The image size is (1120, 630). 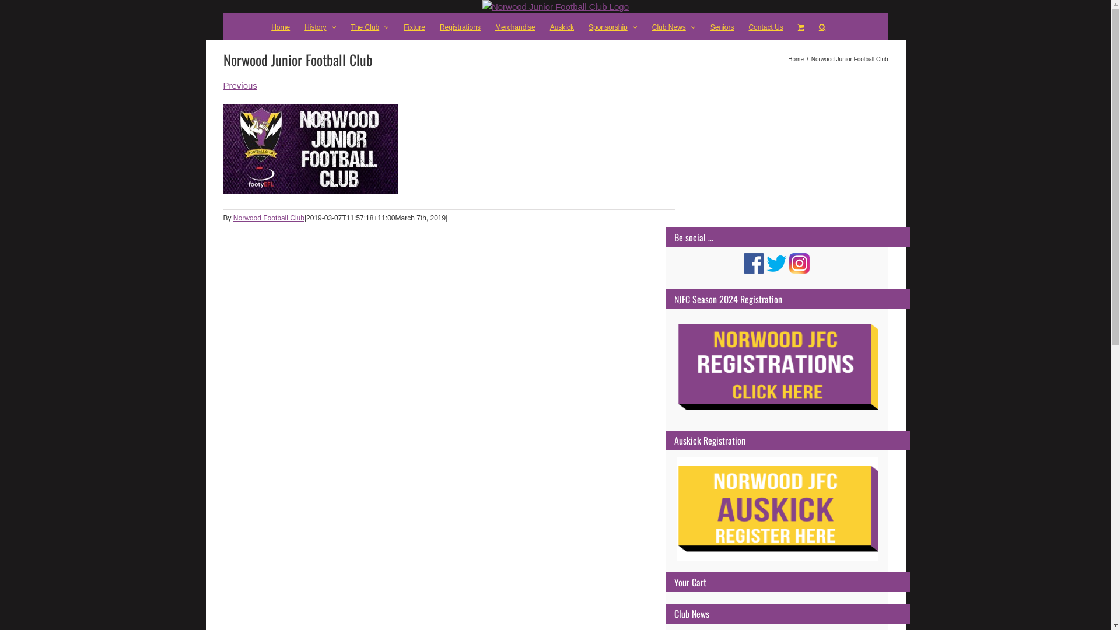 What do you see at coordinates (268, 218) in the screenshot?
I see `'Norwood Football Club'` at bounding box center [268, 218].